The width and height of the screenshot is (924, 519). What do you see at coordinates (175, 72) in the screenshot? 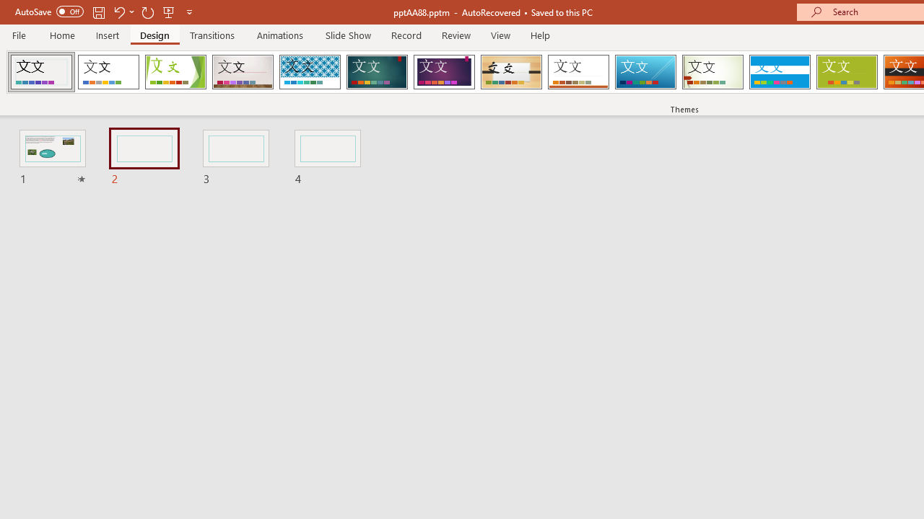
I see `'Facet'` at bounding box center [175, 72].